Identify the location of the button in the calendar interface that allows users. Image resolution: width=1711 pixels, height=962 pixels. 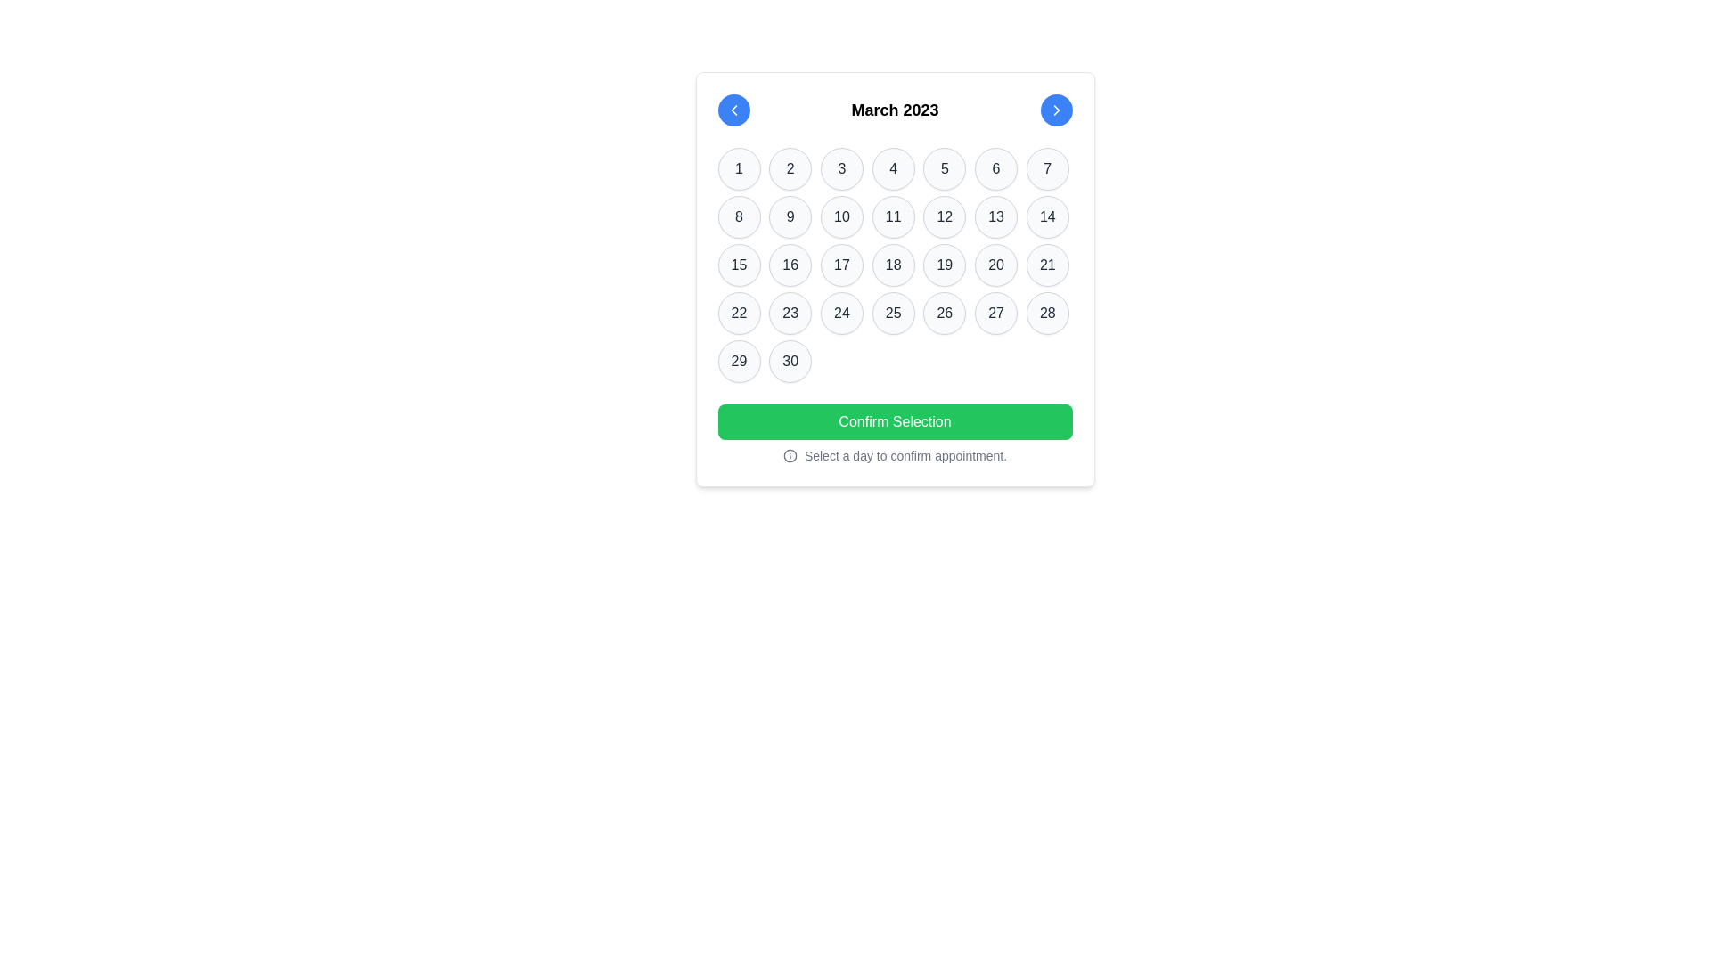
(944, 216).